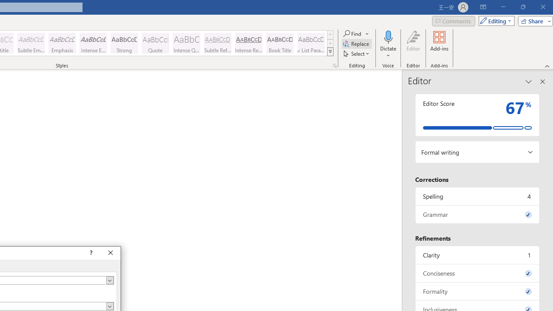 This screenshot has width=553, height=311. Describe the element at coordinates (93, 43) in the screenshot. I see `'Intense Emphasis'` at that location.